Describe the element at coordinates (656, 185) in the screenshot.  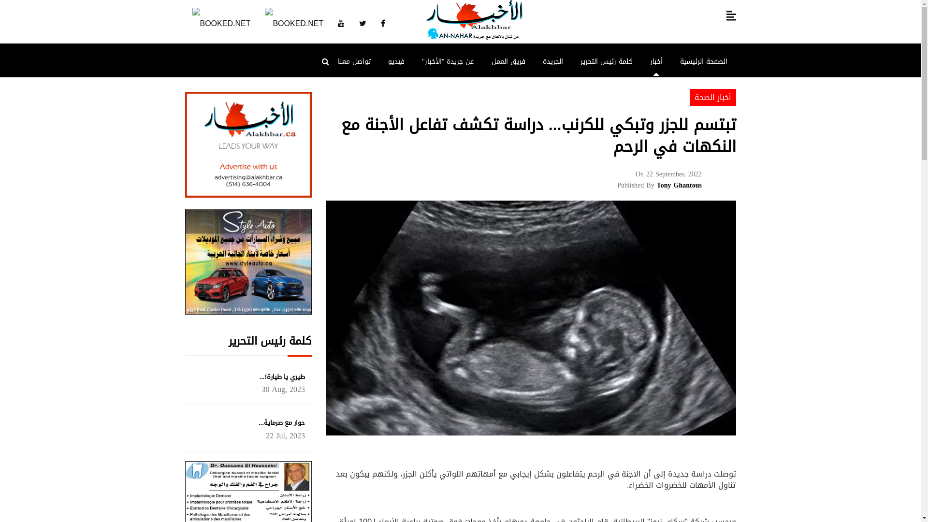
I see `'Tony Ghantous'` at that location.